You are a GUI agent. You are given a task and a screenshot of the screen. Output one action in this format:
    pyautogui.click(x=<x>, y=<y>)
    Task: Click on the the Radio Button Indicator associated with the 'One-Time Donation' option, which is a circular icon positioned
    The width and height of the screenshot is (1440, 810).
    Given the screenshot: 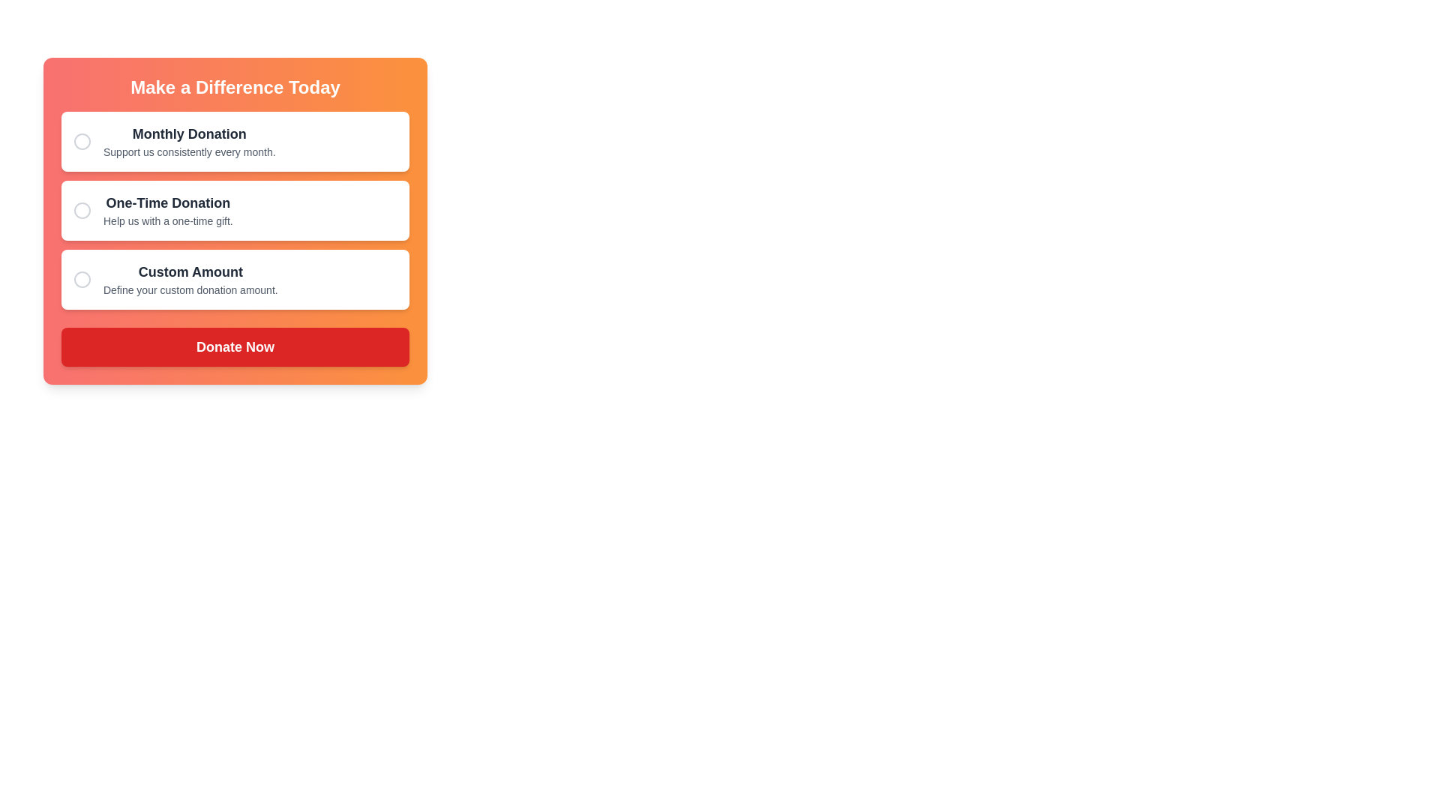 What is the action you would take?
    pyautogui.click(x=82, y=211)
    